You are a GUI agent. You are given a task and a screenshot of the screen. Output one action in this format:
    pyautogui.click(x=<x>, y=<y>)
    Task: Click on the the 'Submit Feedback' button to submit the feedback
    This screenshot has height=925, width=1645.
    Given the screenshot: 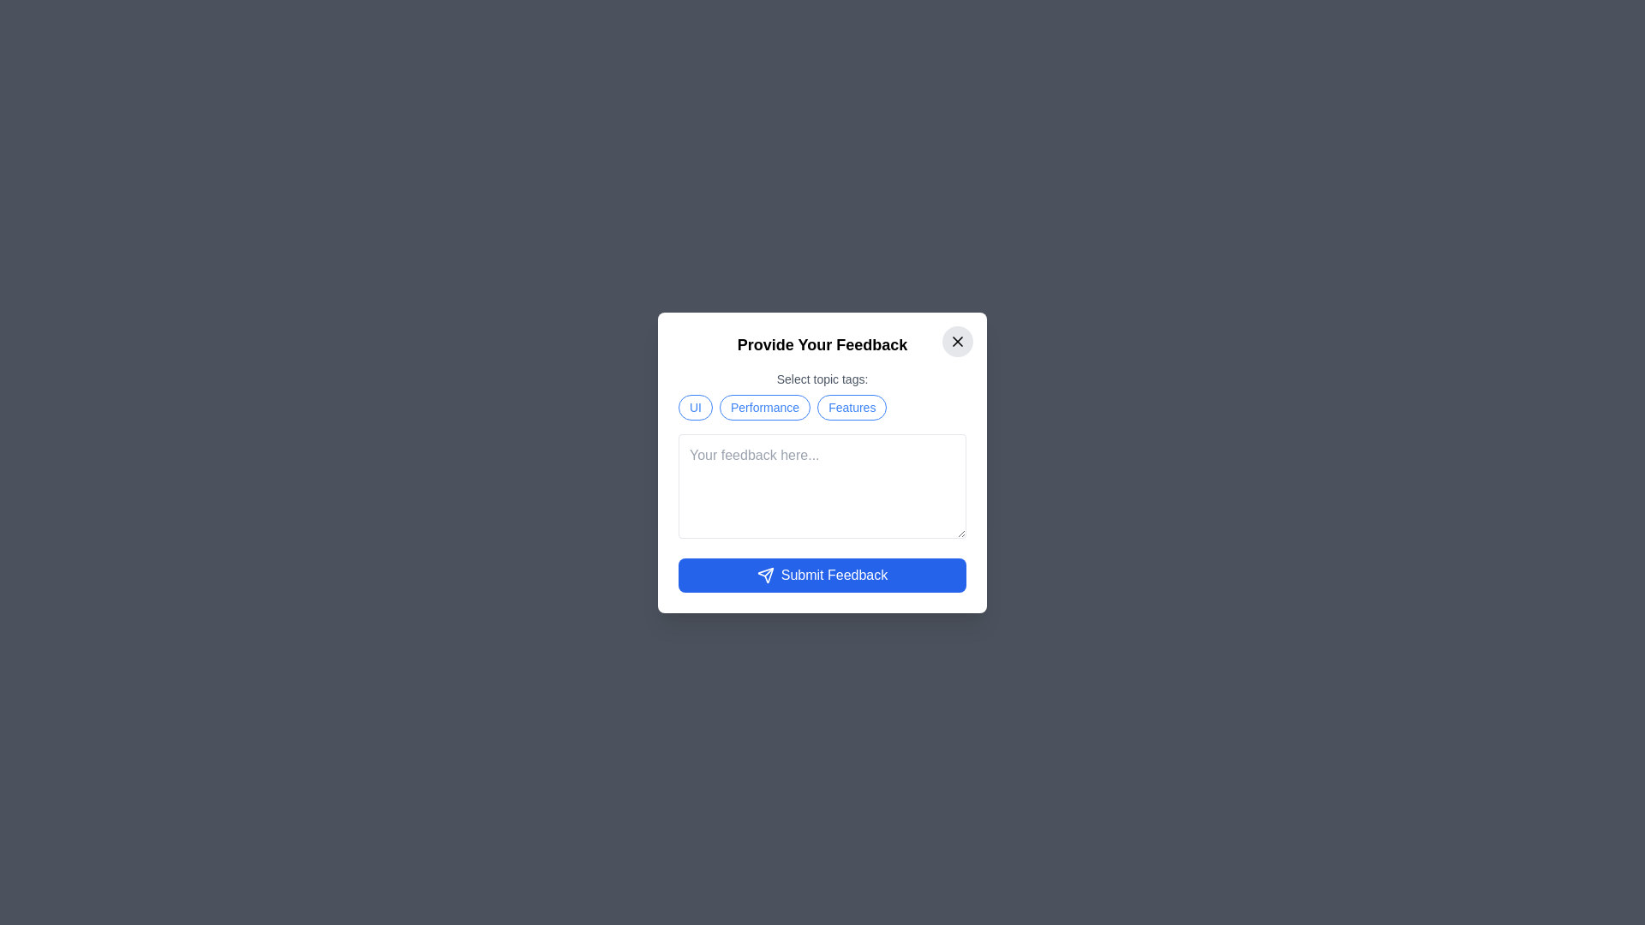 What is the action you would take?
    pyautogui.click(x=822, y=575)
    